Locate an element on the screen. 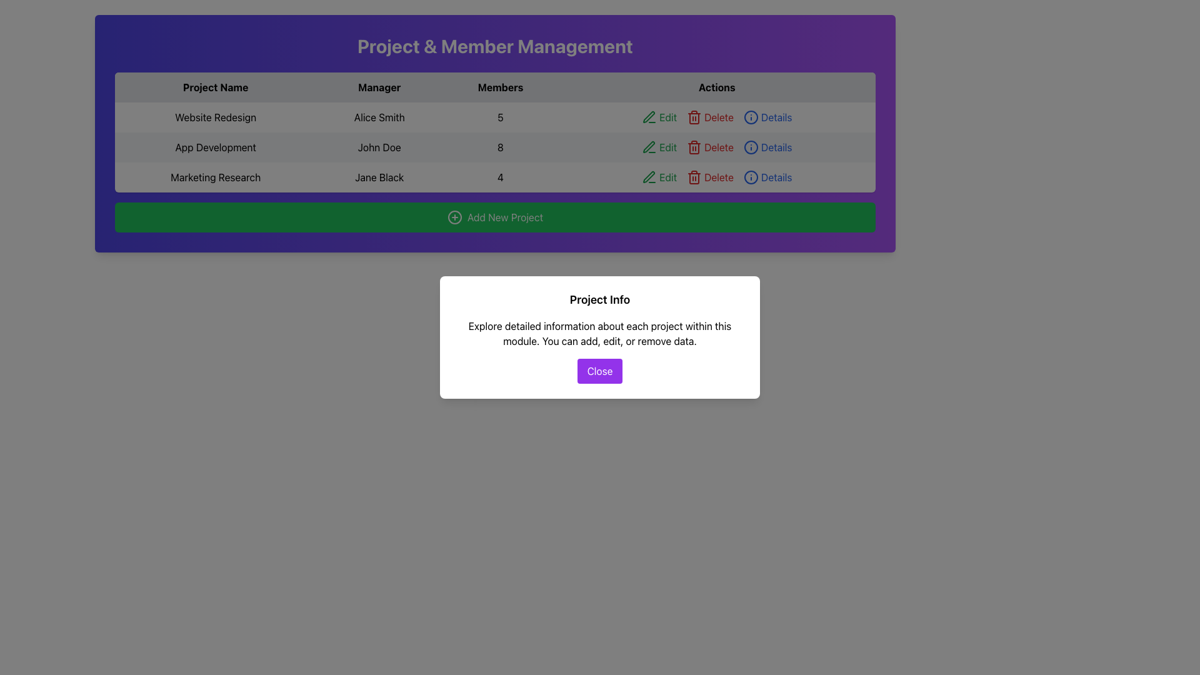 This screenshot has height=675, width=1200. the icon on the left side of the green button labeled 'Add New Project' is located at coordinates (454, 216).